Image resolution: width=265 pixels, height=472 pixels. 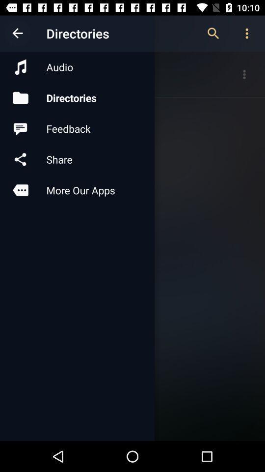 What do you see at coordinates (213, 33) in the screenshot?
I see `item next to audio item` at bounding box center [213, 33].